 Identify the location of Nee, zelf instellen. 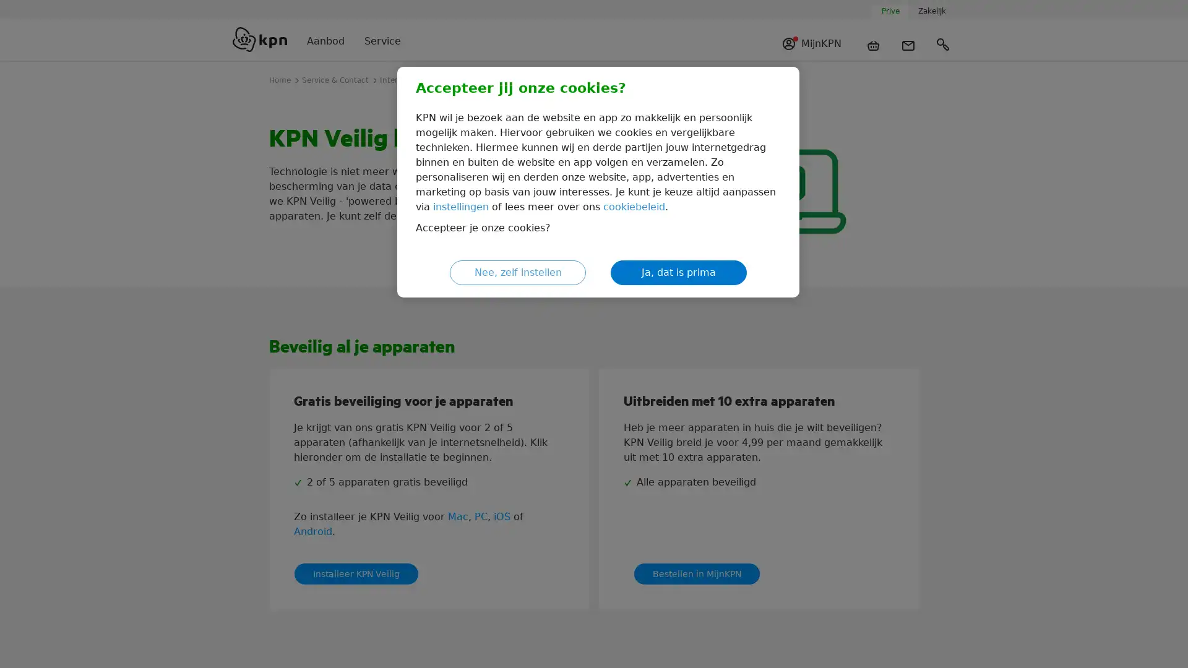
(517, 271).